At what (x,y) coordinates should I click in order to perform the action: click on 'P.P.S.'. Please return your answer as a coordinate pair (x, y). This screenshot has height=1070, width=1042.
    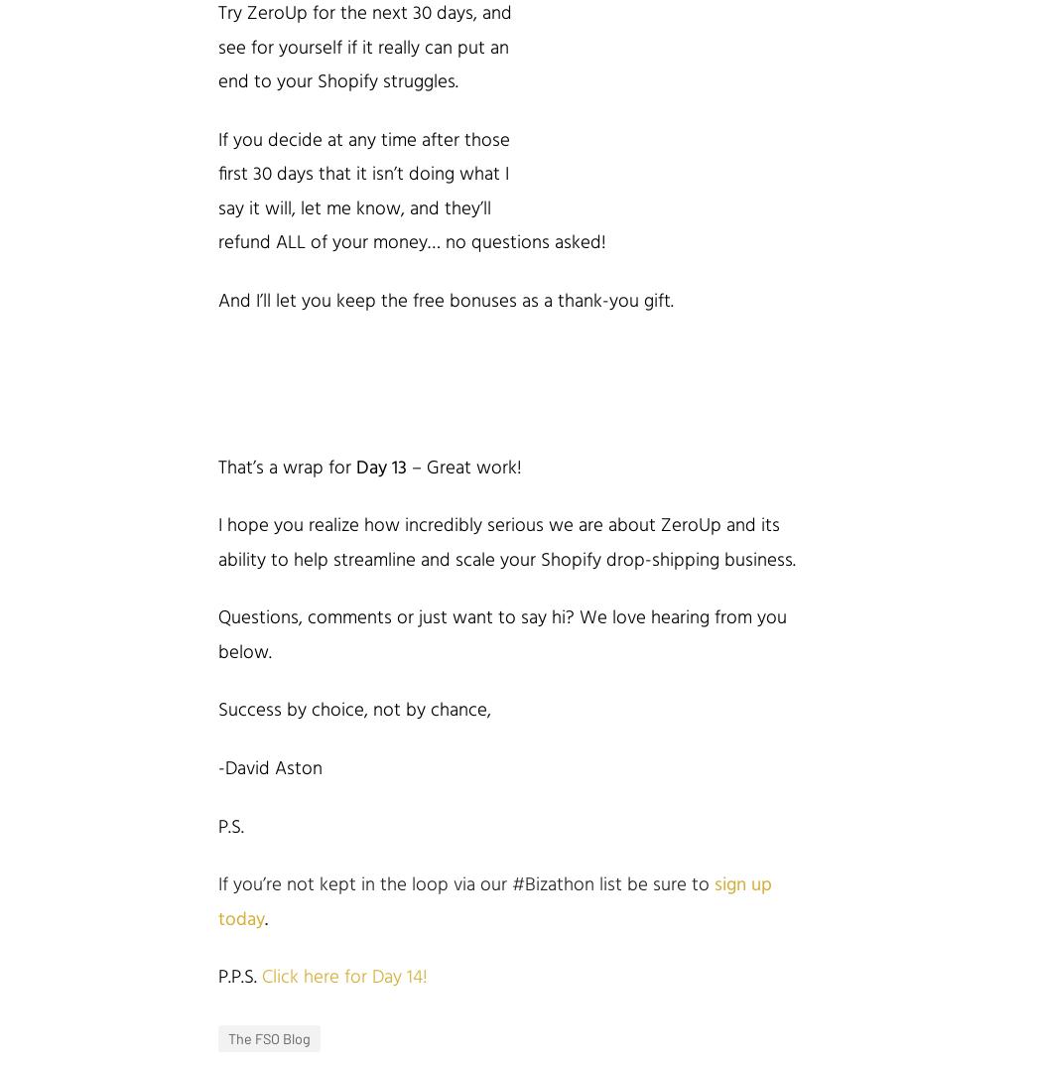
    Looking at the image, I should click on (240, 977).